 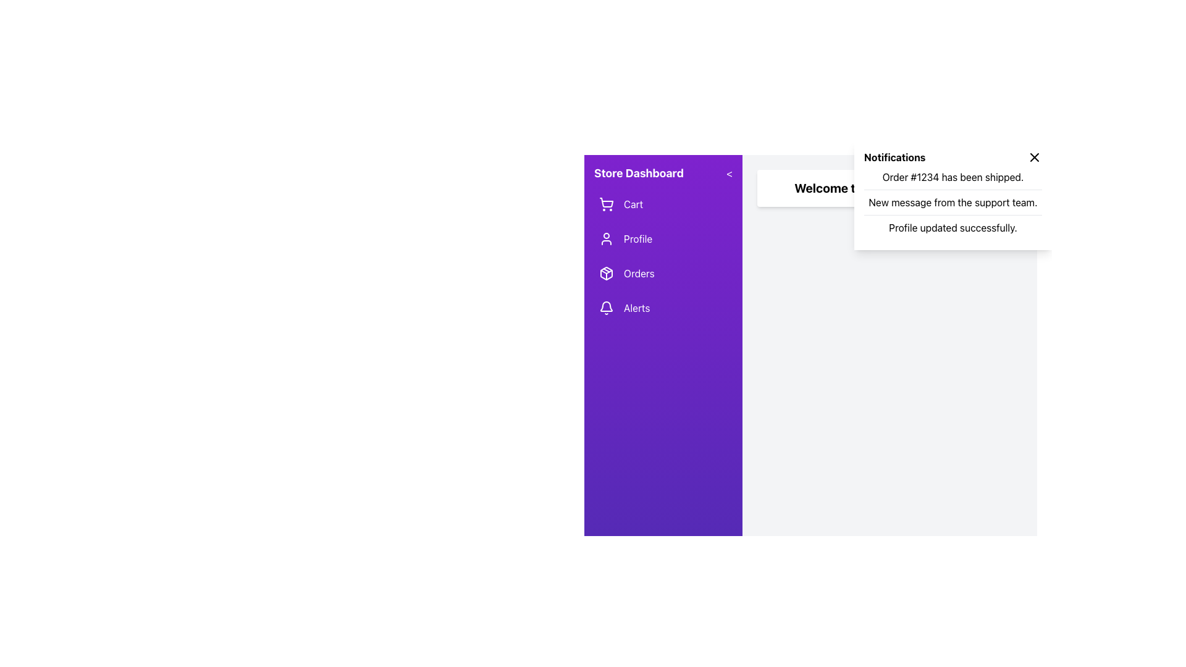 I want to click on the navigation menu located, so click(x=663, y=256).